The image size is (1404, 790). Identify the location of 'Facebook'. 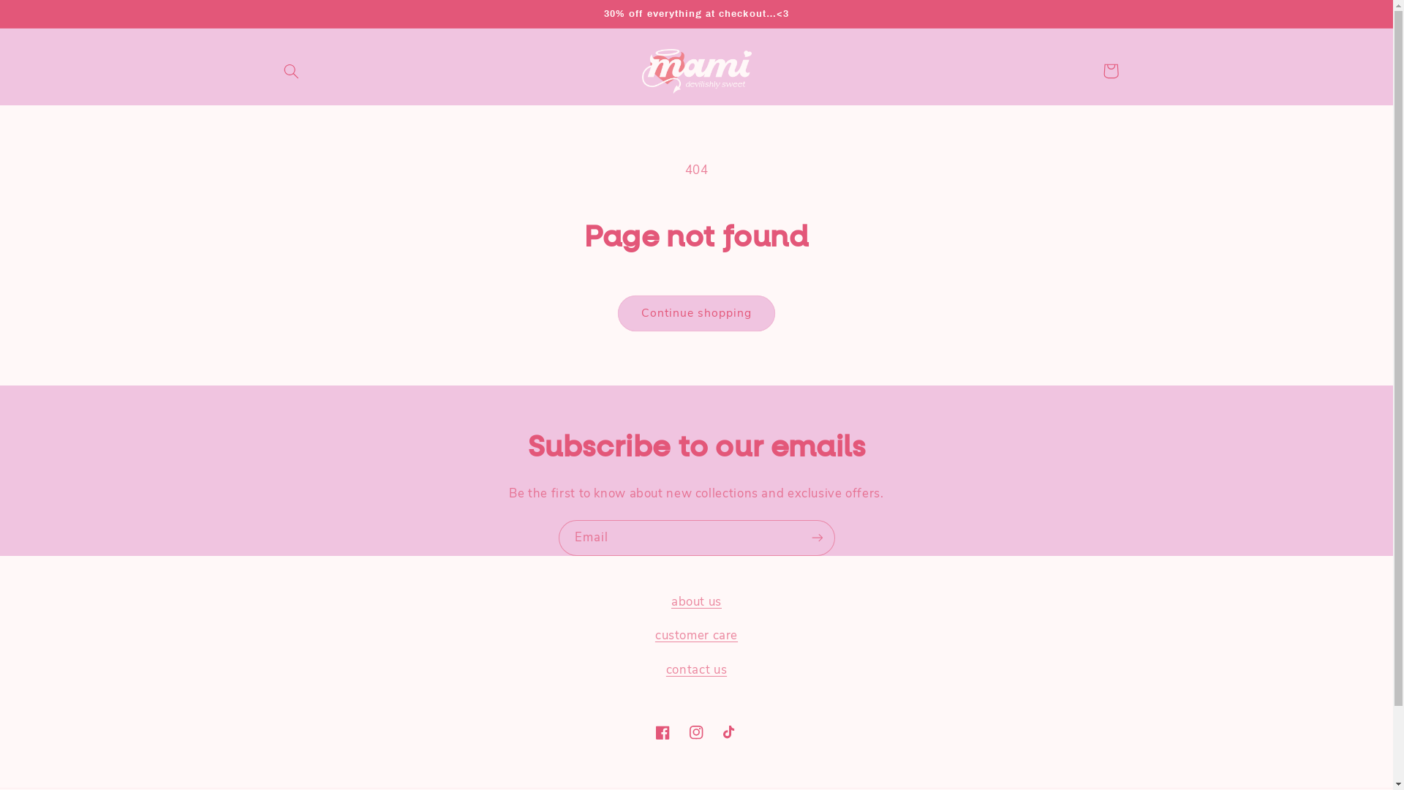
(662, 732).